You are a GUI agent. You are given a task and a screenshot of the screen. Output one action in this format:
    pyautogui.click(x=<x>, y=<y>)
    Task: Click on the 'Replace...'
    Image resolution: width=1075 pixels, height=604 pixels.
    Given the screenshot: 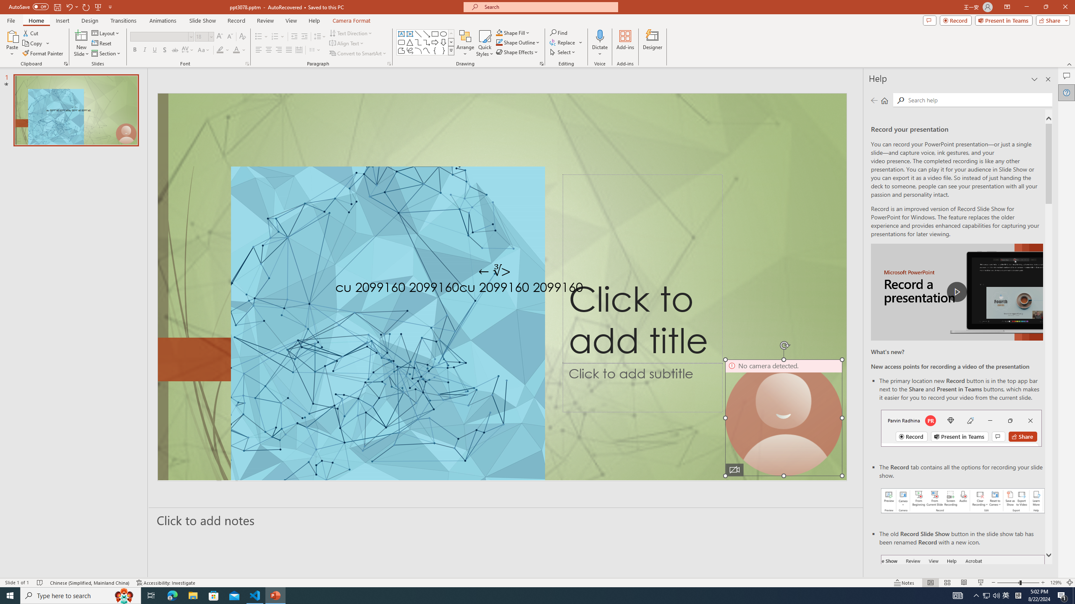 What is the action you would take?
    pyautogui.click(x=563, y=42)
    